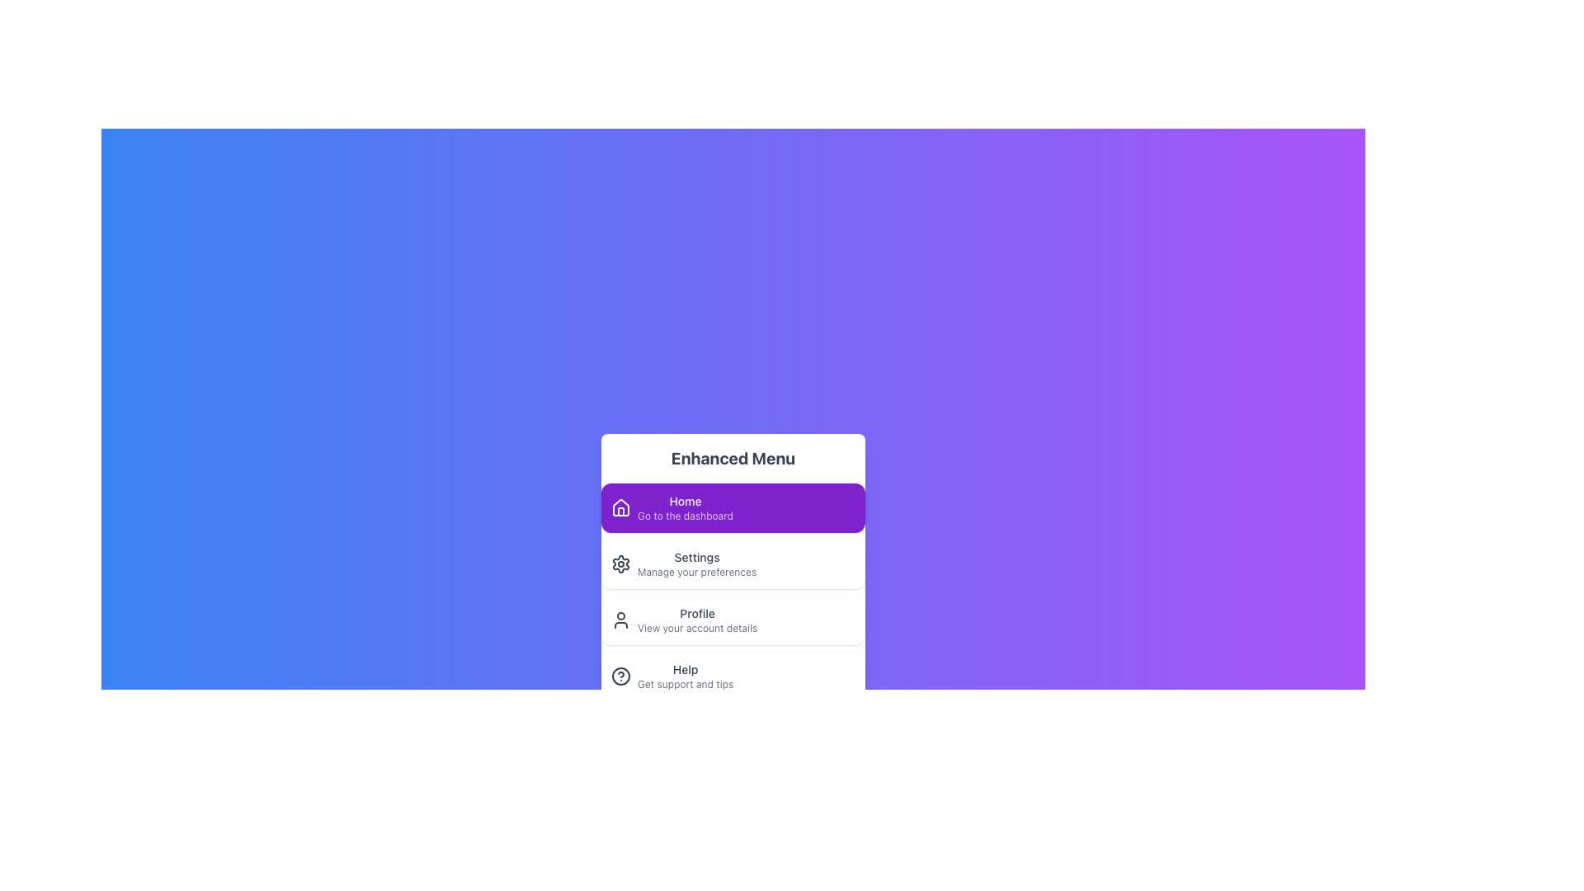  Describe the element at coordinates (732, 620) in the screenshot. I see `the 'Profile' button, which is a rectangular UI component with a white background, soft rounded corners, and a user silhouette icon followed by the text 'Profile' and 'View your account details'` at that location.